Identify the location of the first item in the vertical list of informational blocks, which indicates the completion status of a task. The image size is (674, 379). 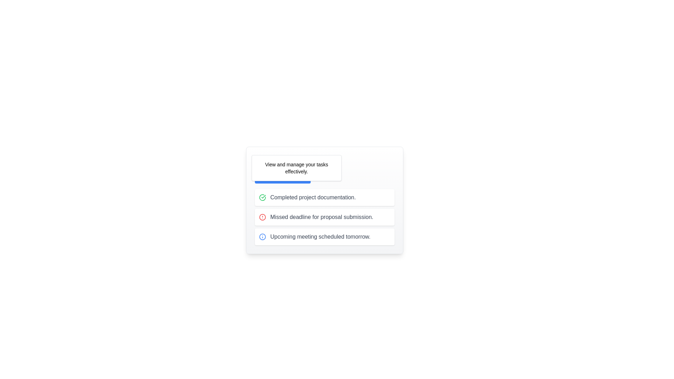
(324, 198).